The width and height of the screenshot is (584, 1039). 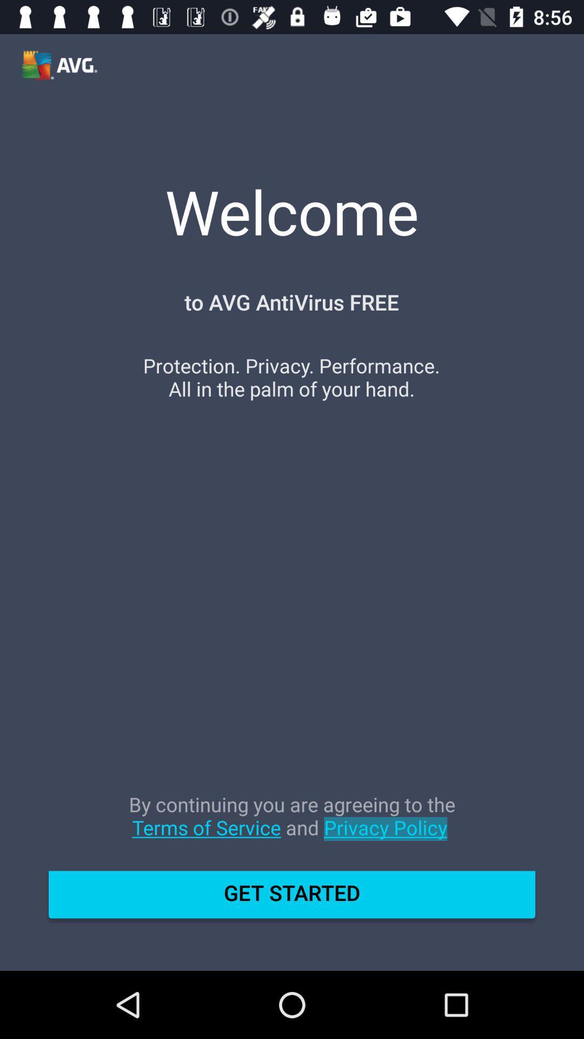 I want to click on the icon above the get started icon, so click(x=292, y=826).